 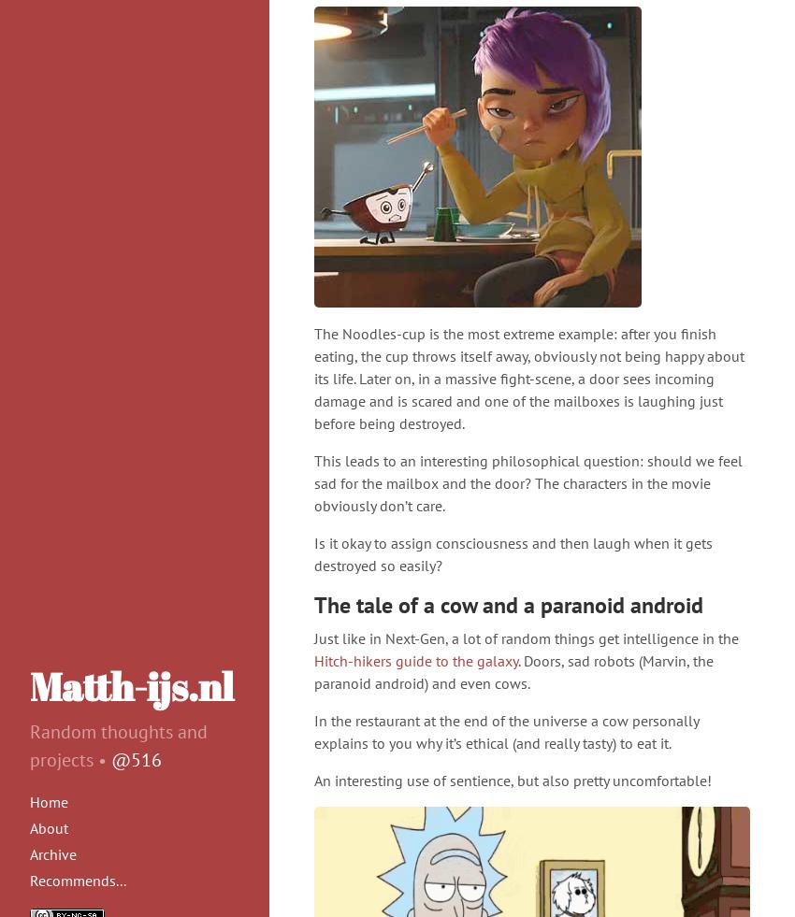 What do you see at coordinates (132, 686) in the screenshot?
I see `'Matth-ijs.nl'` at bounding box center [132, 686].